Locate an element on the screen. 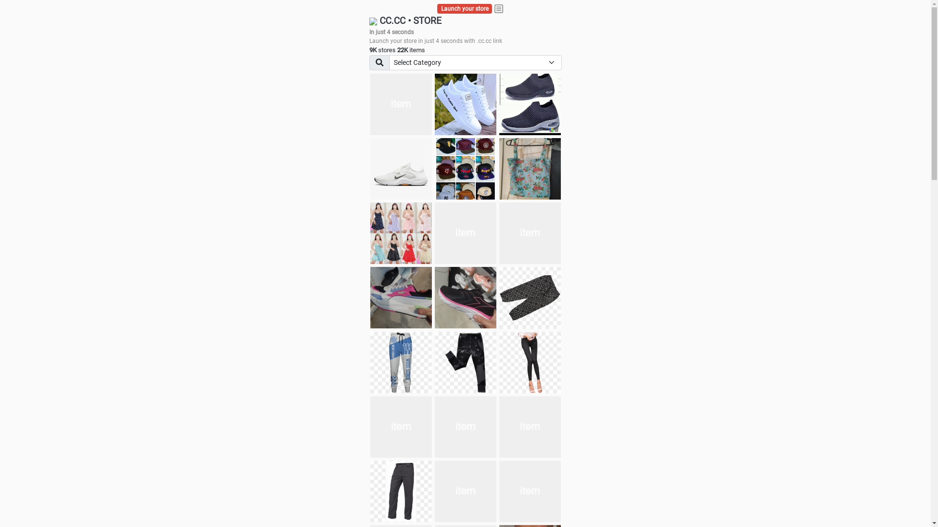  'Shoes for boys' is located at coordinates (370, 168).